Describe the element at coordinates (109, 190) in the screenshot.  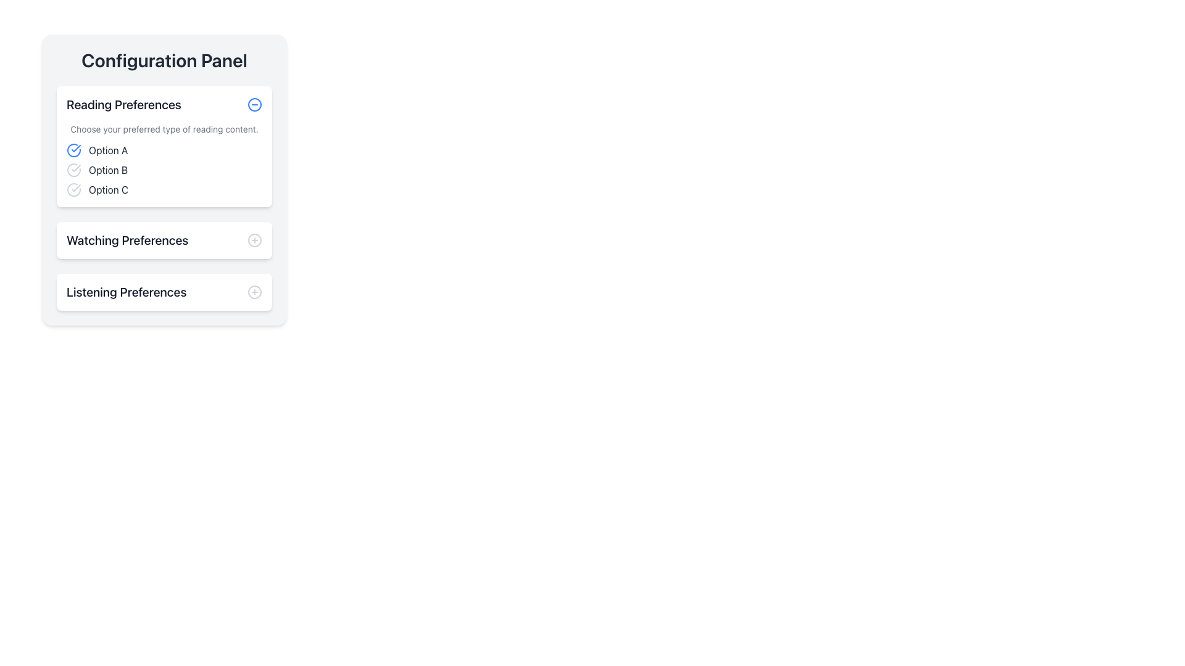
I see `text label displaying 'Option C' in dark gray font located in the 'Reading Preferences' section of the 'Configuration Panel', which is the third option in the list` at that location.